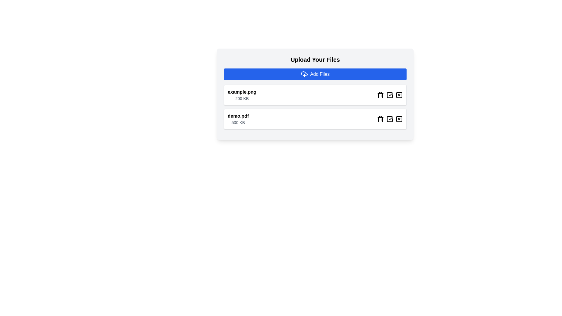 This screenshot has width=562, height=316. What do you see at coordinates (391, 118) in the screenshot?
I see `the small graphical checkmark icon enclosed within a larger square icon, located near the right side of the row for the file named 'demo.pdf' in the upload interface` at bounding box center [391, 118].